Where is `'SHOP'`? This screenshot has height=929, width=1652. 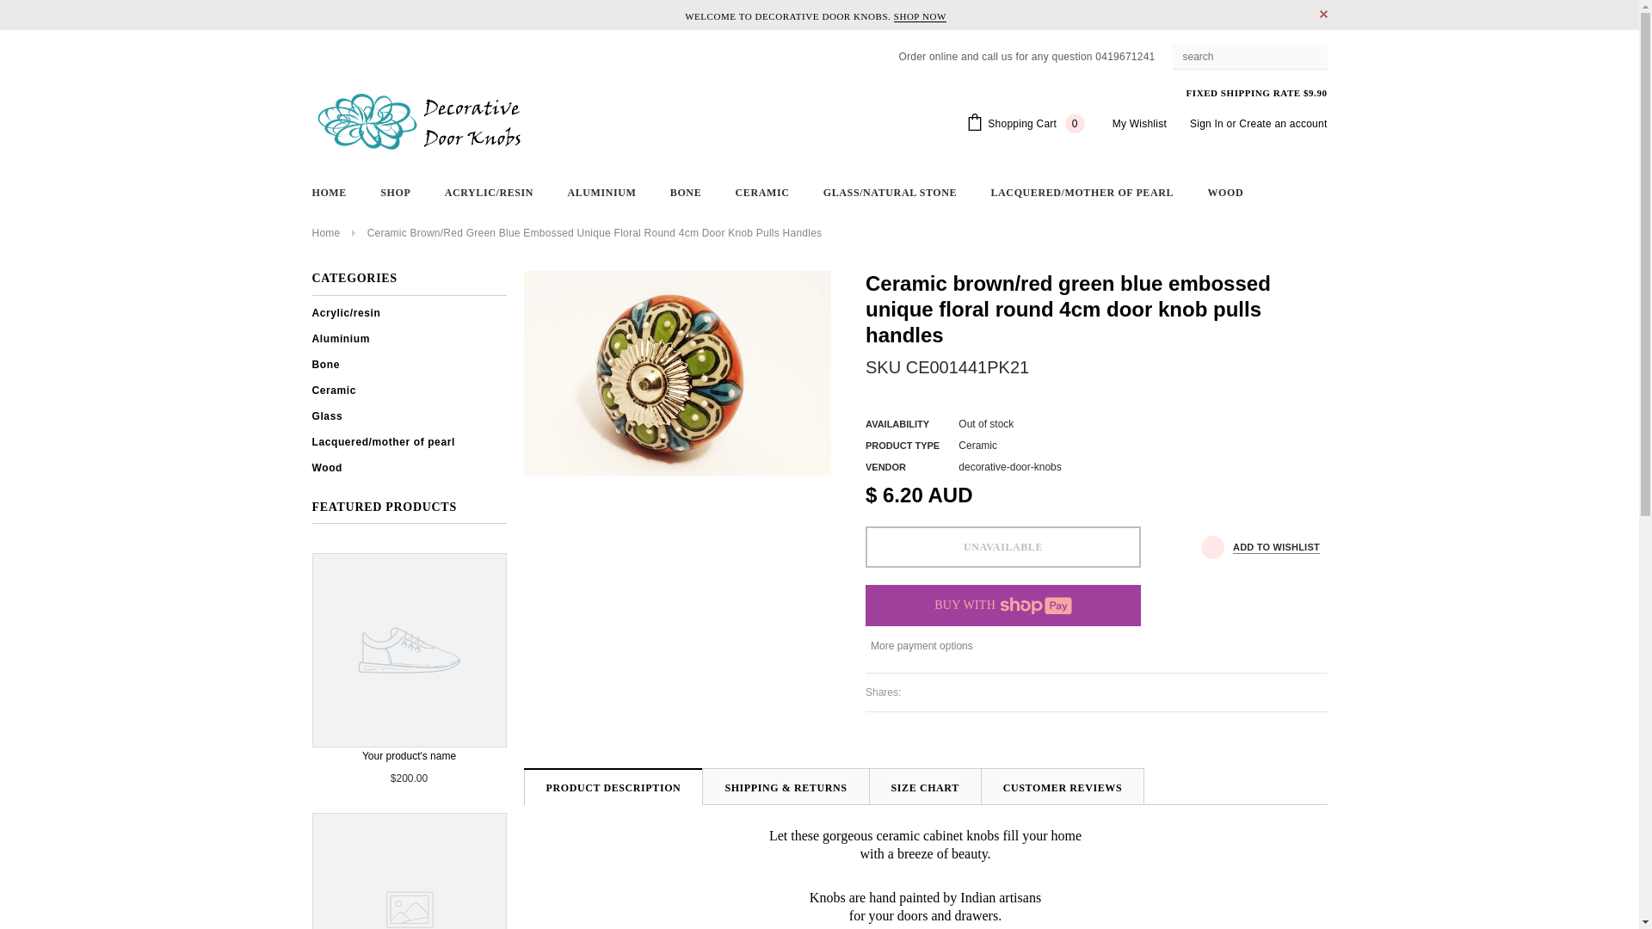 'SHOP' is located at coordinates (394, 192).